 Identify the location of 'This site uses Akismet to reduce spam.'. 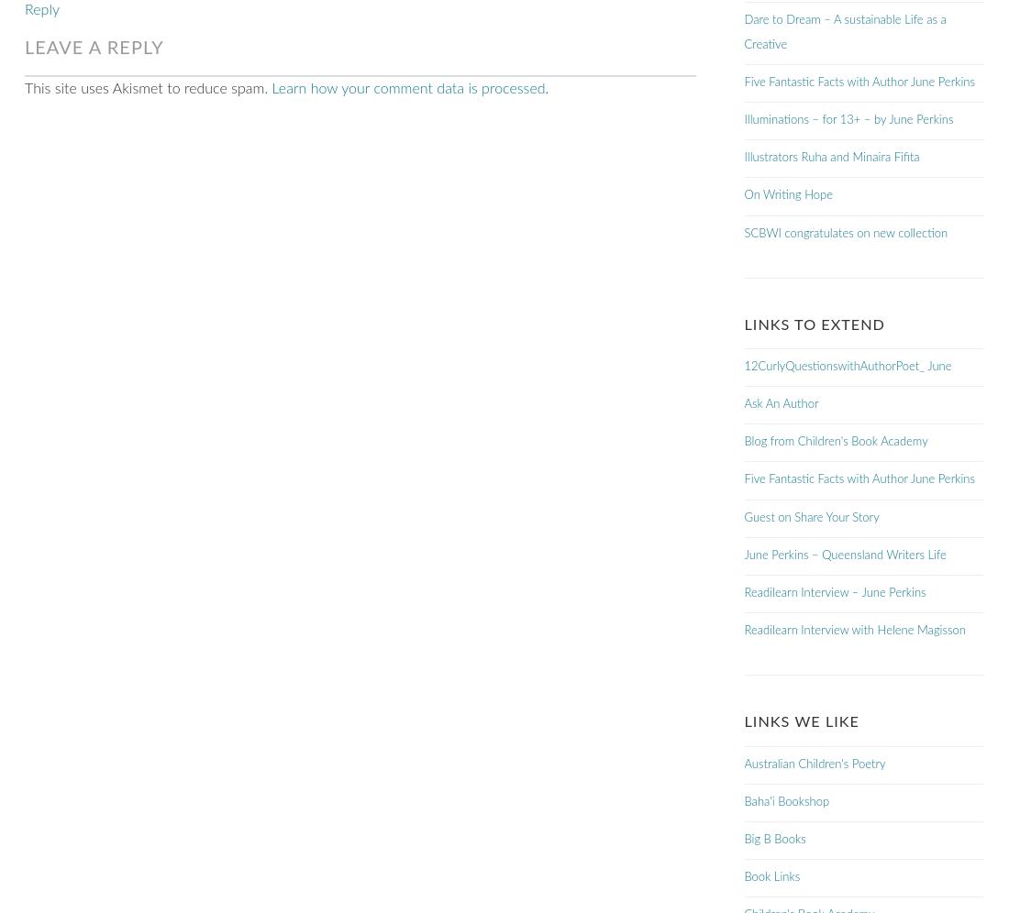
(147, 89).